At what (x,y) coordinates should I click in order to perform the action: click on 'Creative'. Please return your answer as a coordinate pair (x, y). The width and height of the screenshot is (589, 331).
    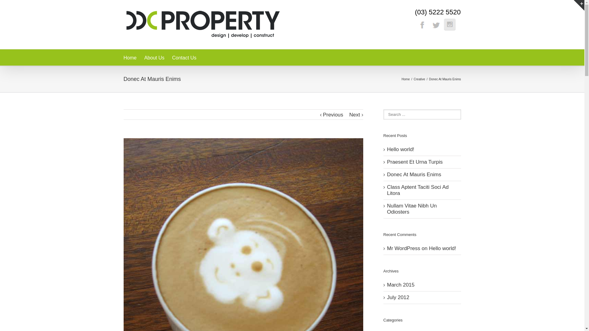
    Looking at the image, I should click on (420, 78).